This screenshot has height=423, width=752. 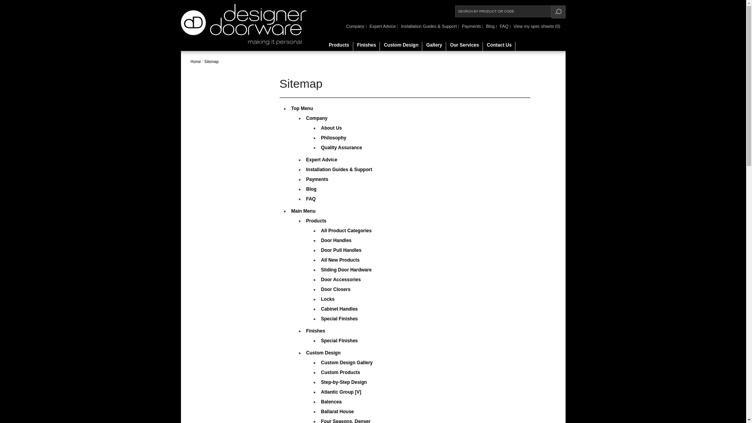 What do you see at coordinates (512, 25) in the screenshot?
I see `'View my spec sheets (0)'` at bounding box center [512, 25].